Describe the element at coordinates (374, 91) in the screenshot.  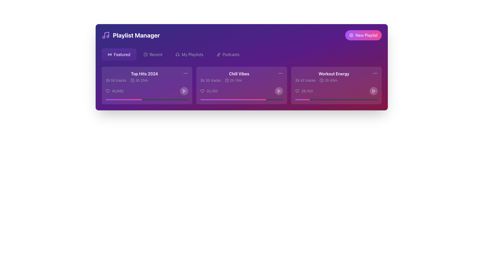
I see `the play icon button located at the bottom-right corner of the 'Workout Energy' playlist card` at that location.